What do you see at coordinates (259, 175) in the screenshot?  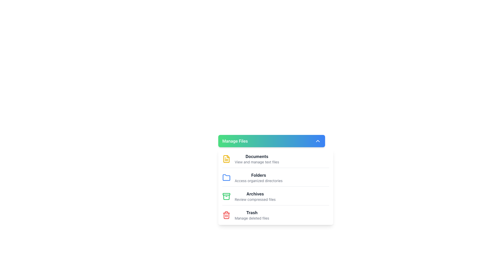 I see `the bold, dark-colored text label displaying 'Folders', which is the second item in the 'Manage Files' section, located above 'Access organized directories'` at bounding box center [259, 175].